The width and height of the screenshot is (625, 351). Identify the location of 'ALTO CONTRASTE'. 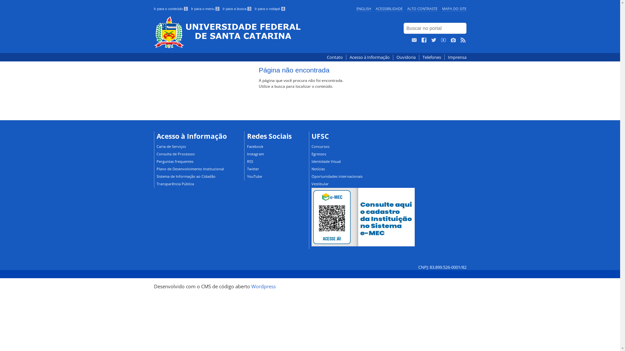
(406, 8).